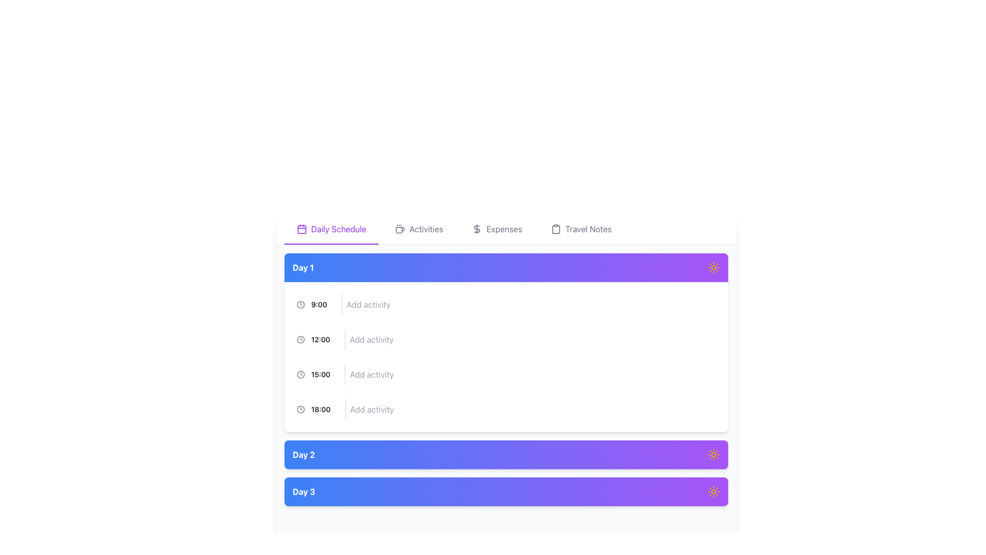  I want to click on the text label displaying 'Day 1' in bold white font centered within a blue gradient background, located at the top-left of the blue gradient header for the day's schedule, so click(302, 267).